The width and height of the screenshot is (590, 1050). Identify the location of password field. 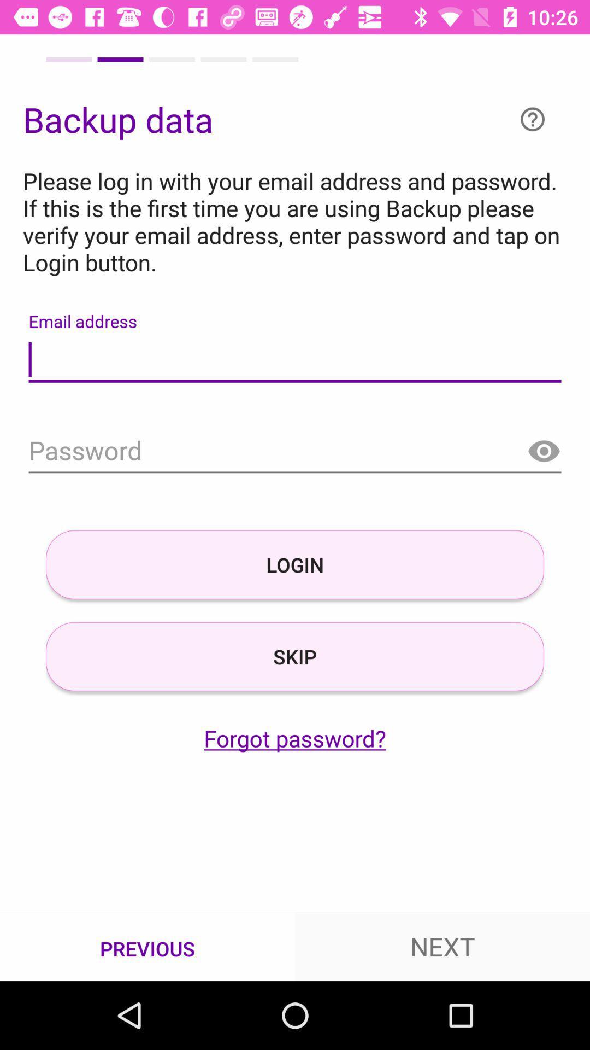
(295, 452).